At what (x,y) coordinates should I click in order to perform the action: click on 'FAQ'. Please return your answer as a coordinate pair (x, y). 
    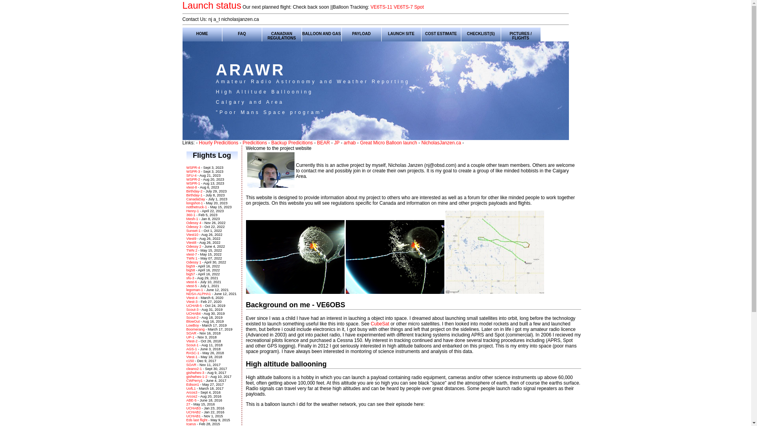
    Looking at the image, I should click on (242, 33).